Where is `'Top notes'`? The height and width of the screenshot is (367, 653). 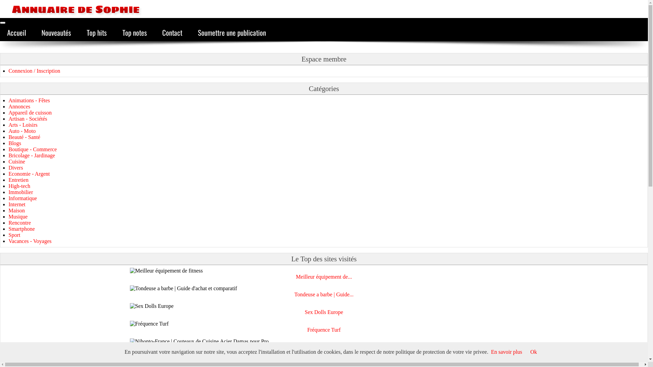 'Top notes' is located at coordinates (134, 33).